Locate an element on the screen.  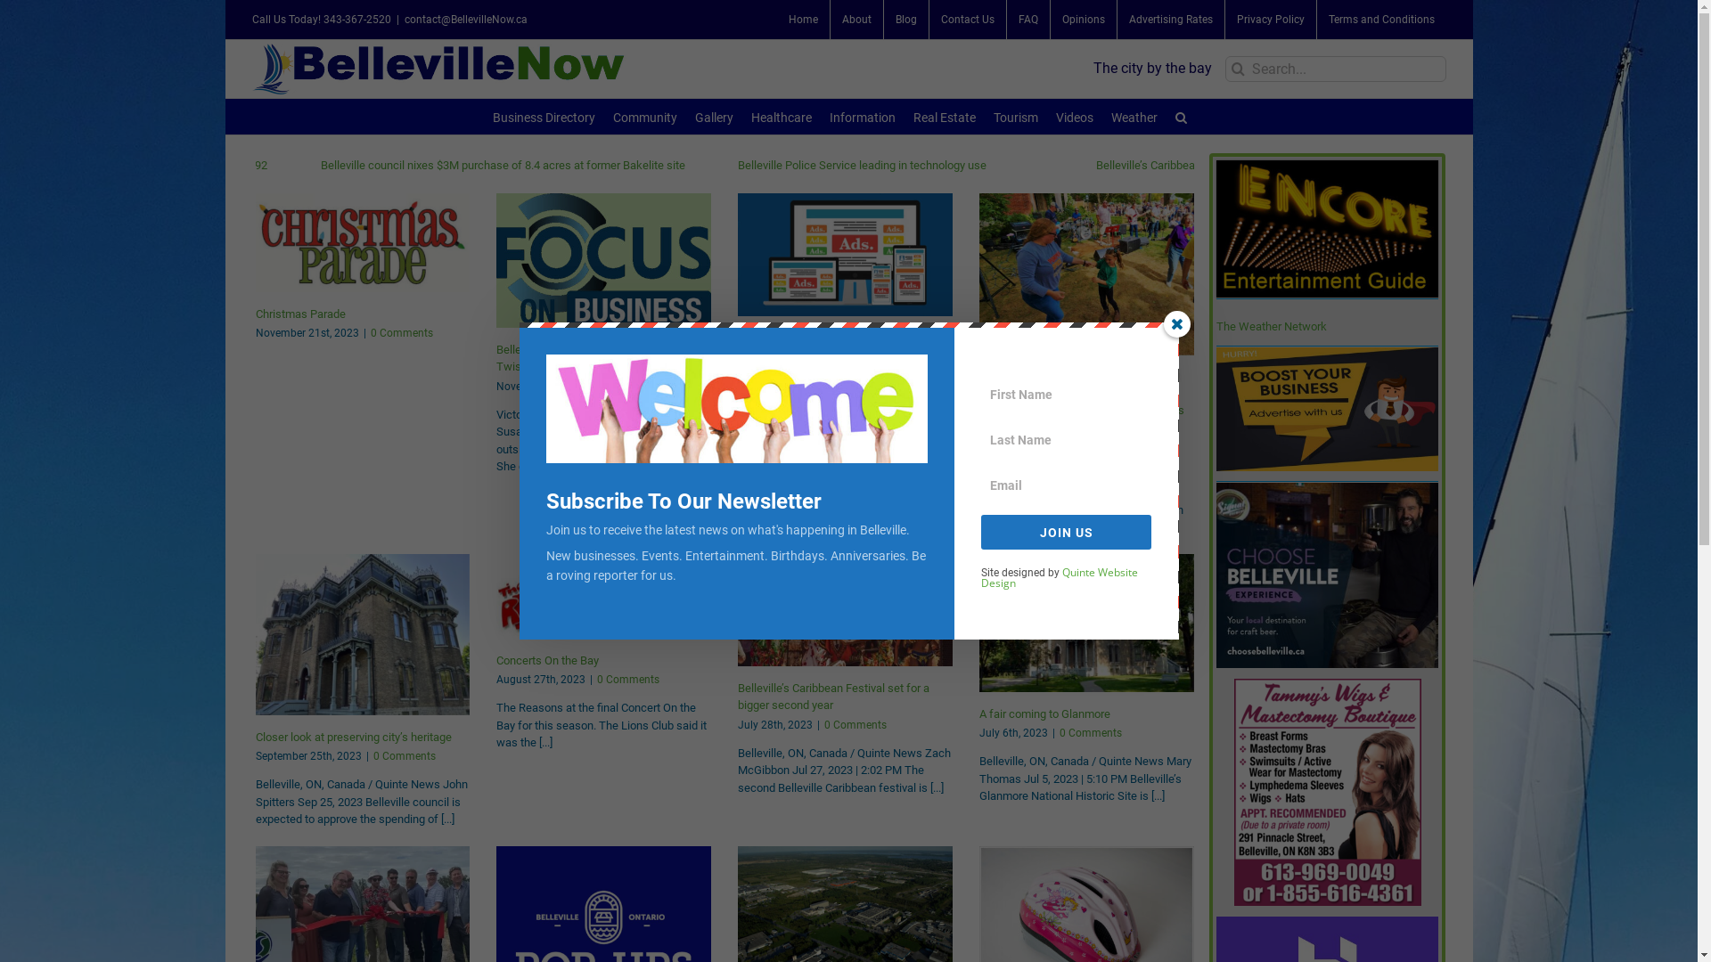
'Tourism' is located at coordinates (1016, 116).